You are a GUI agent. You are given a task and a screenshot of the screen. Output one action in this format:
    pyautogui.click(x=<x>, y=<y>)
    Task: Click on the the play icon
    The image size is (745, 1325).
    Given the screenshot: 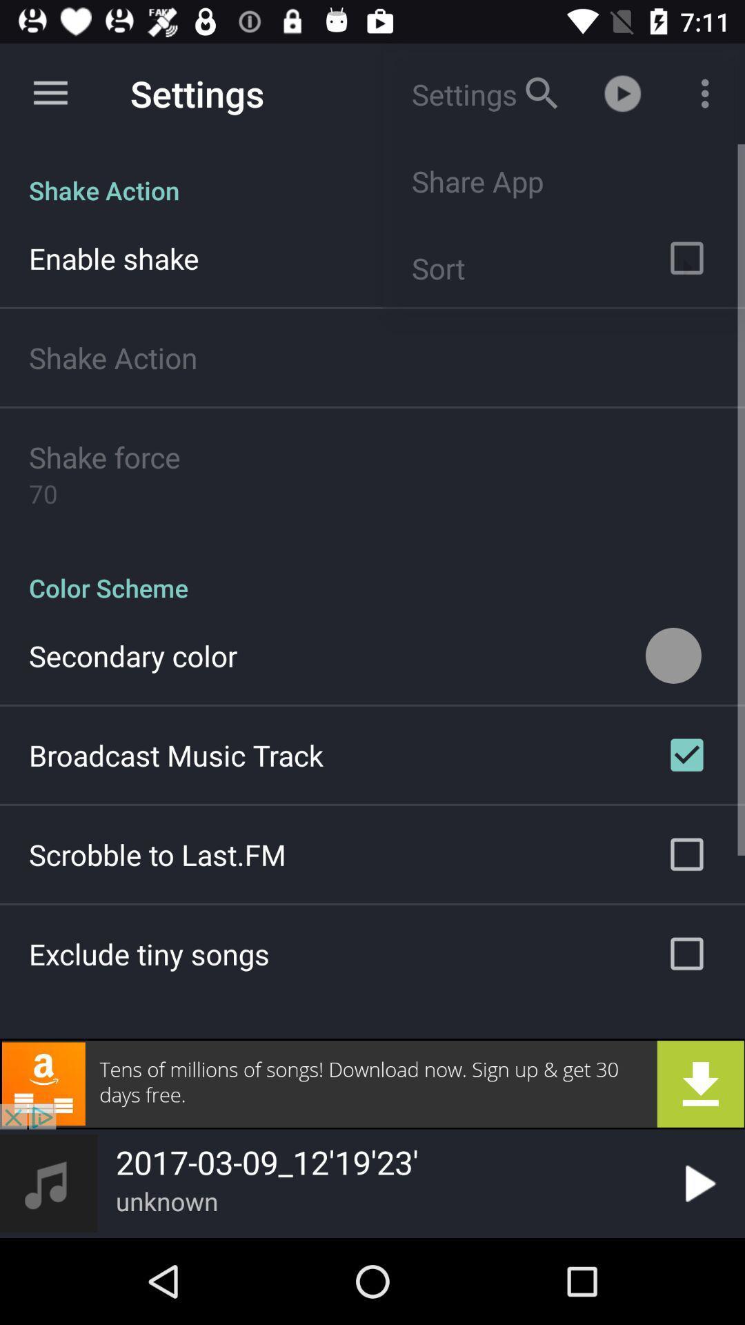 What is the action you would take?
    pyautogui.click(x=697, y=1183)
    